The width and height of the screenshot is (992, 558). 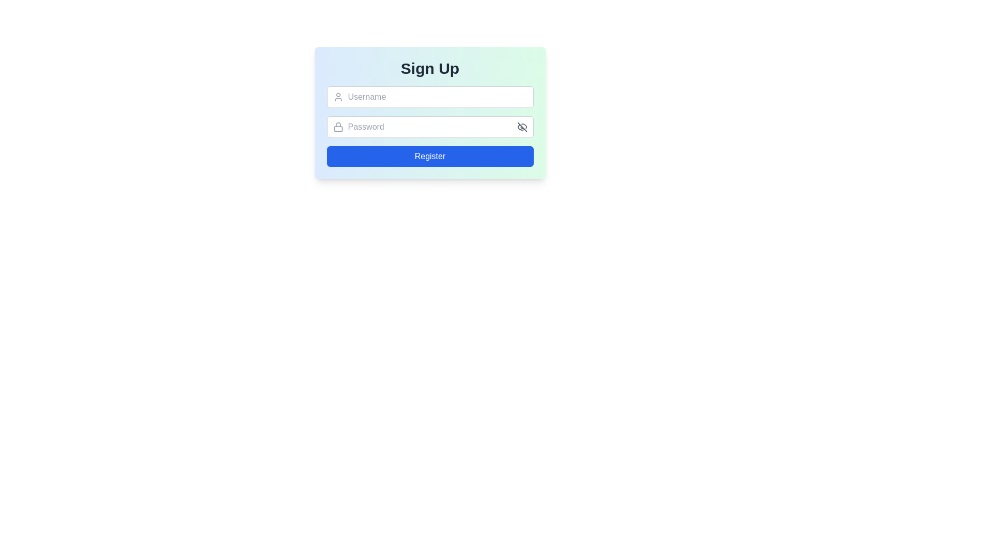 I want to click on the 'hide password' toggle button icon that intersects diagonally through an eye icon in the Password input field of the Sign-Up form, so click(x=522, y=127).